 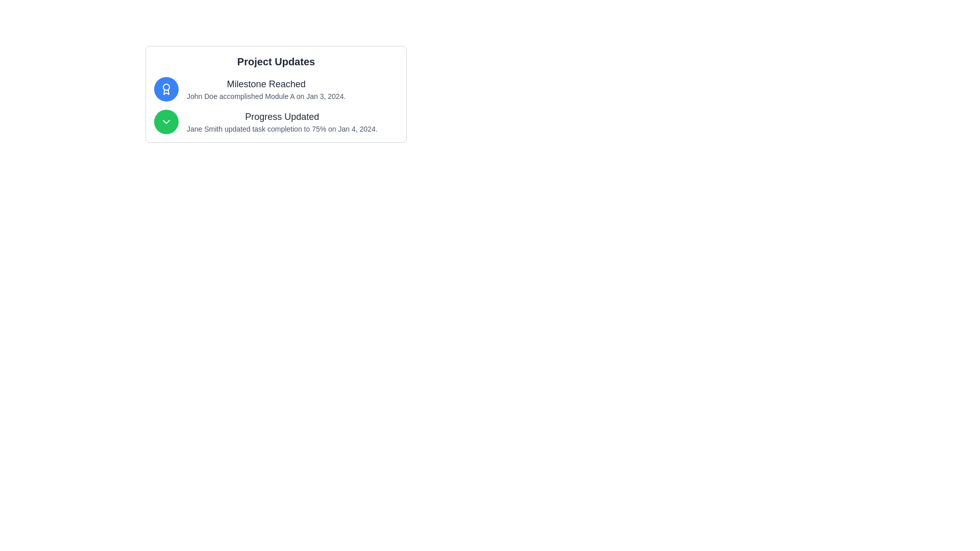 What do you see at coordinates (166, 86) in the screenshot?
I see `the central circular component of the award icon within the 'Milestone Reached' notification located at the top-left side` at bounding box center [166, 86].